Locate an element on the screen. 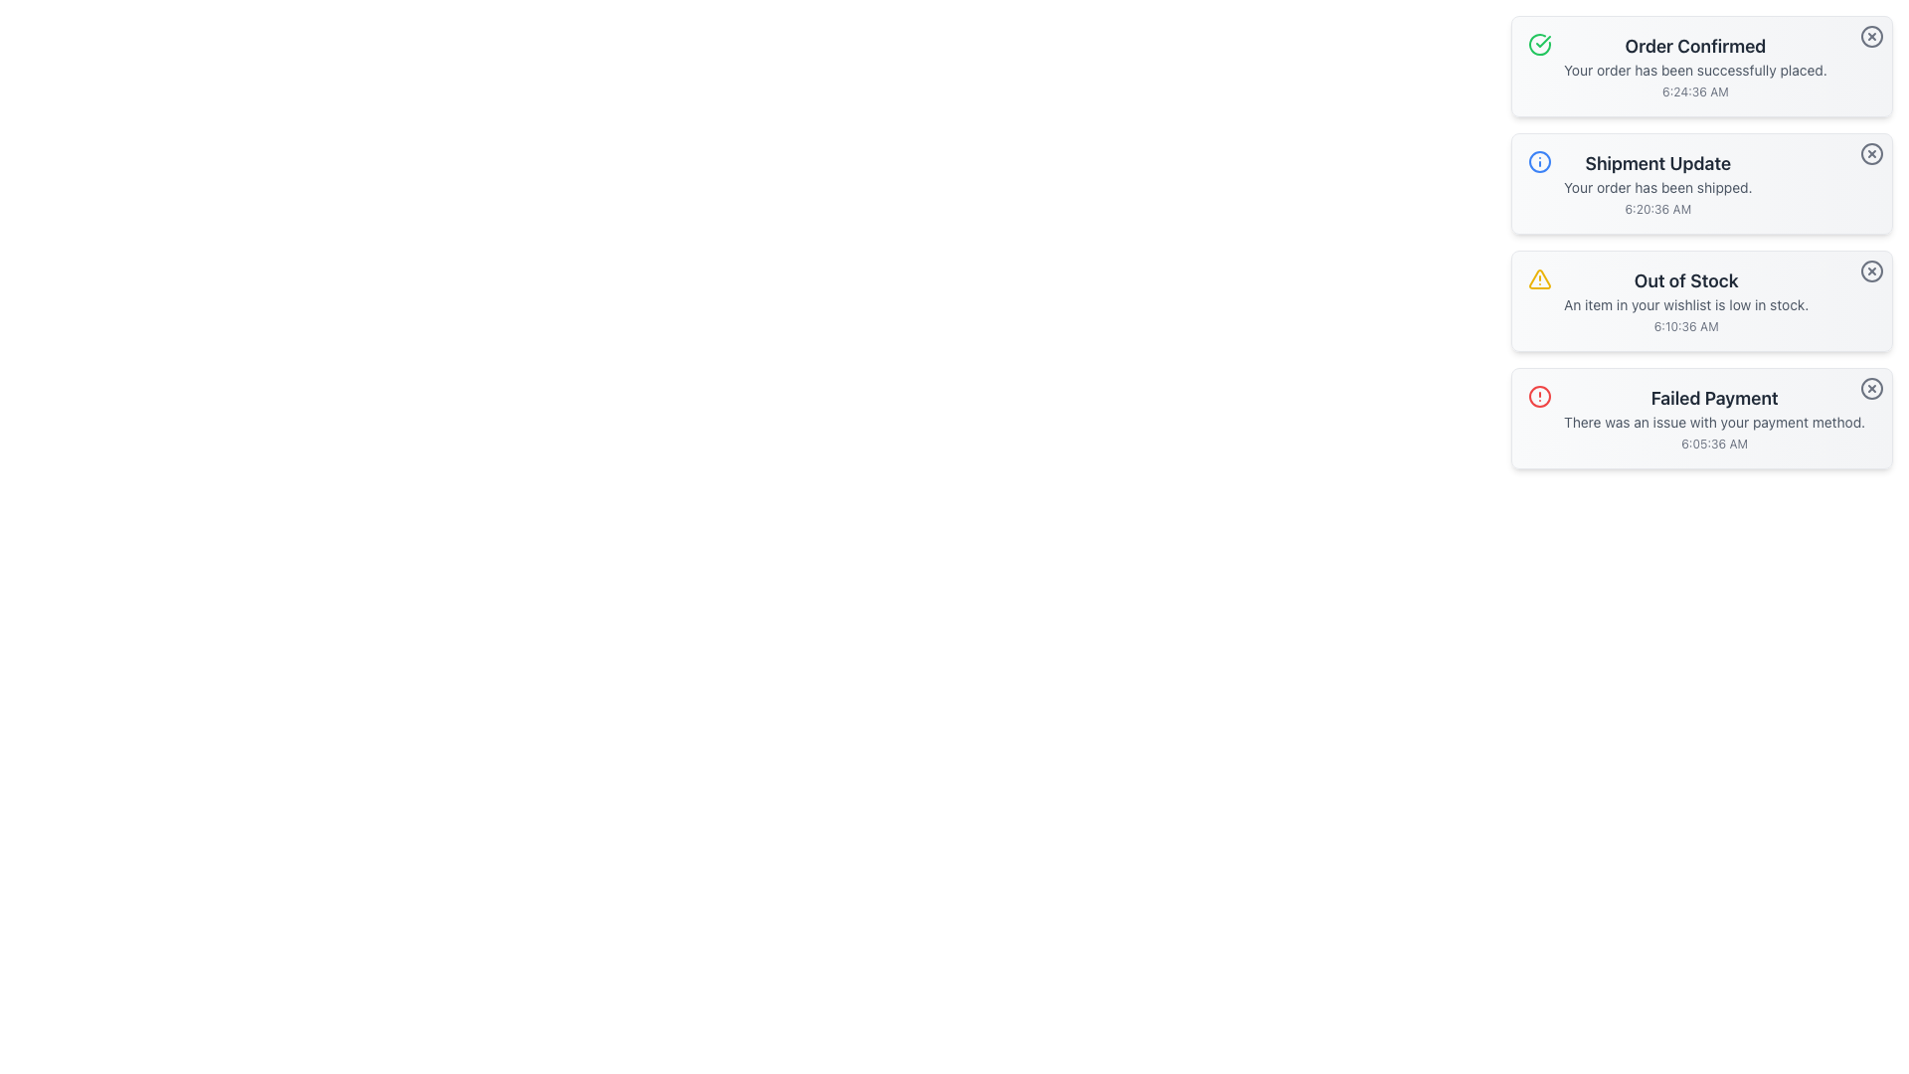 Image resolution: width=1909 pixels, height=1074 pixels. the SVG Circle element that serves as the close or cancel icon for the 'Out of Stock' notification, located at the top right of the notification card is located at coordinates (1870, 271).